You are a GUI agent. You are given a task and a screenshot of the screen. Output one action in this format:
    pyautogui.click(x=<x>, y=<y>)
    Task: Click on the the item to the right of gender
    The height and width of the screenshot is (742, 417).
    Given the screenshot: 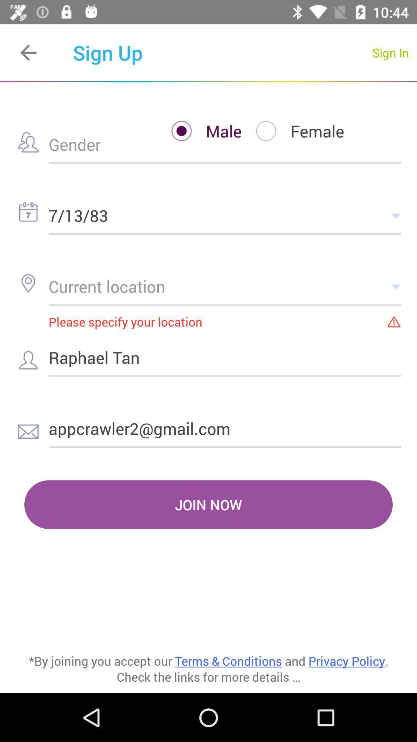 What is the action you would take?
    pyautogui.click(x=199, y=131)
    